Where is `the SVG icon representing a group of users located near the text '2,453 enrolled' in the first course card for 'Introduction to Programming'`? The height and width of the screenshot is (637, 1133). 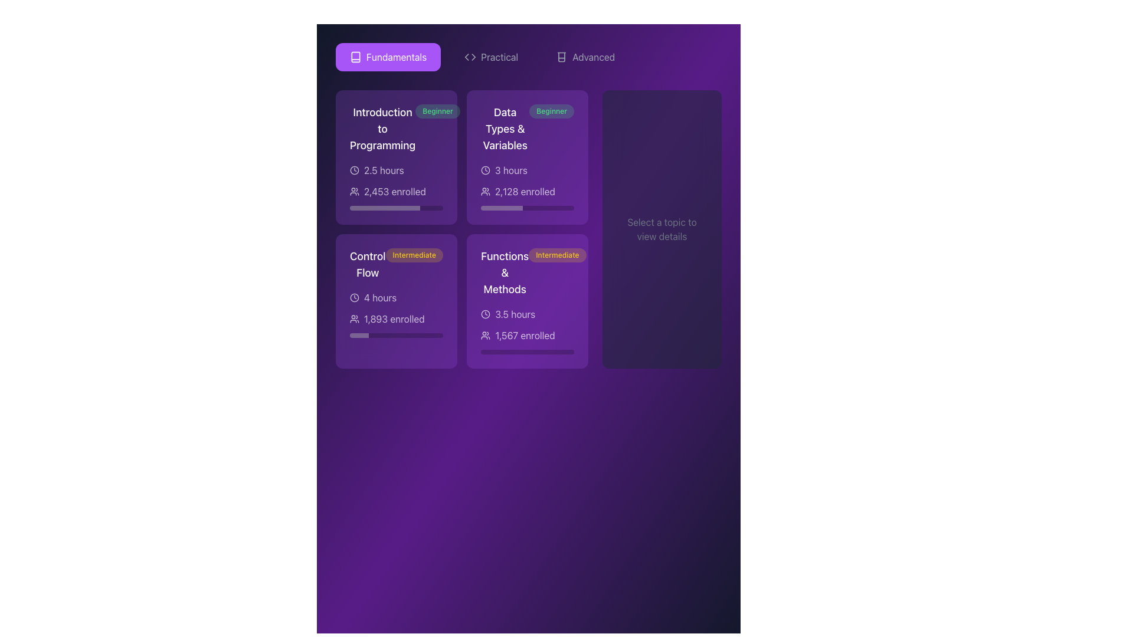
the SVG icon representing a group of users located near the text '2,453 enrolled' in the first course card for 'Introduction to Programming' is located at coordinates (353, 191).